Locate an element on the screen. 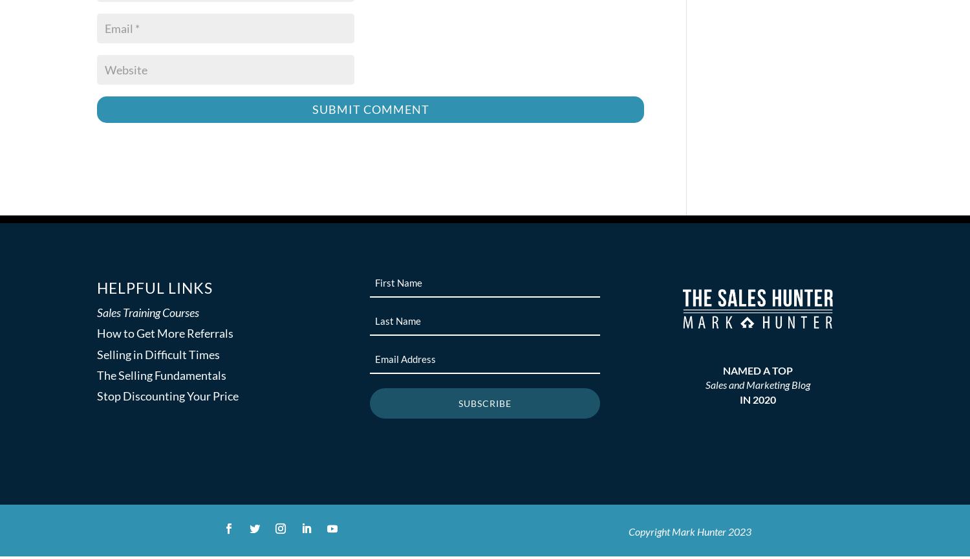 The image size is (970, 559). 'Sales Training Courses' is located at coordinates (147, 312).